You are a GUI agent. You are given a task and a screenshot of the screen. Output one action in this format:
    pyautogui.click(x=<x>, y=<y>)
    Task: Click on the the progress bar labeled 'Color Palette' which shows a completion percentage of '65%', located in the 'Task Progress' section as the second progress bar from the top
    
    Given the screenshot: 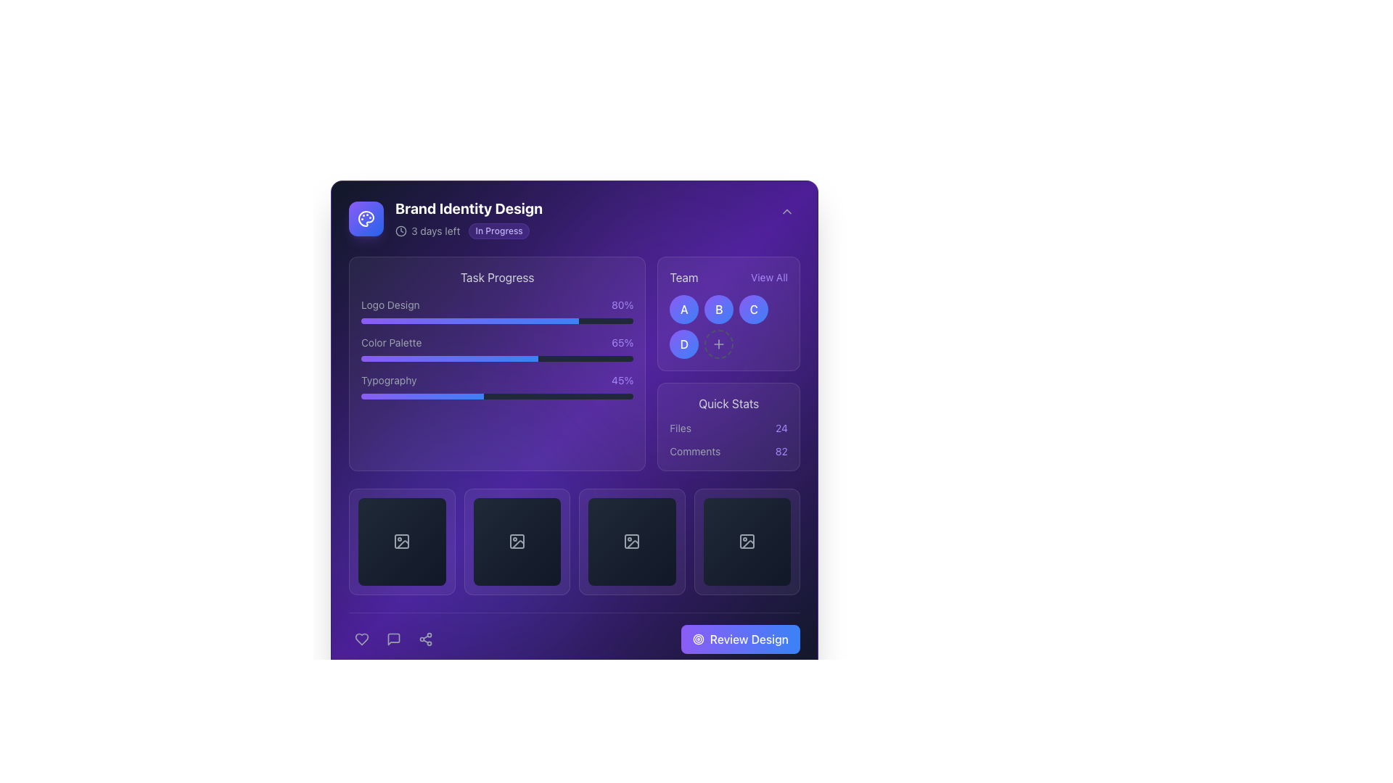 What is the action you would take?
    pyautogui.click(x=497, y=349)
    